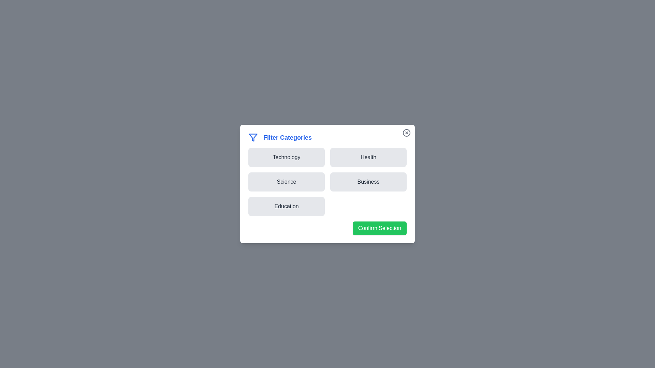  Describe the element at coordinates (368, 157) in the screenshot. I see `the button corresponding to the category Health` at that location.